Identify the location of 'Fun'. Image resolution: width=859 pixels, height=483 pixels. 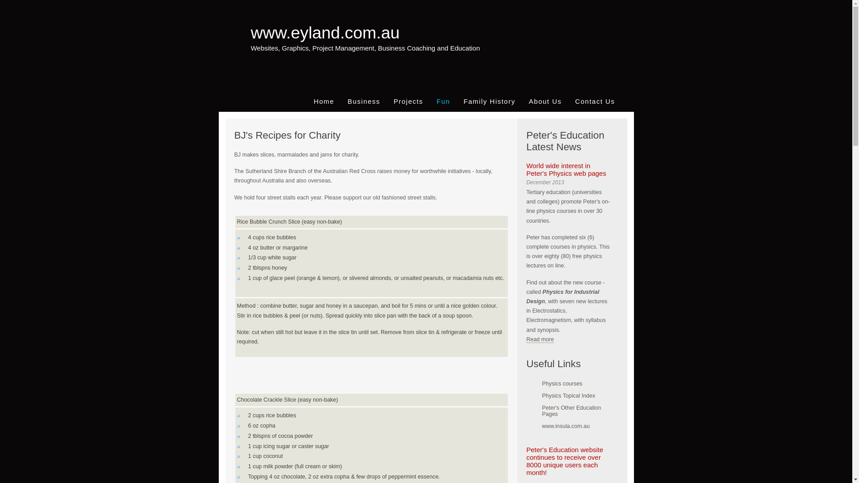
(443, 101).